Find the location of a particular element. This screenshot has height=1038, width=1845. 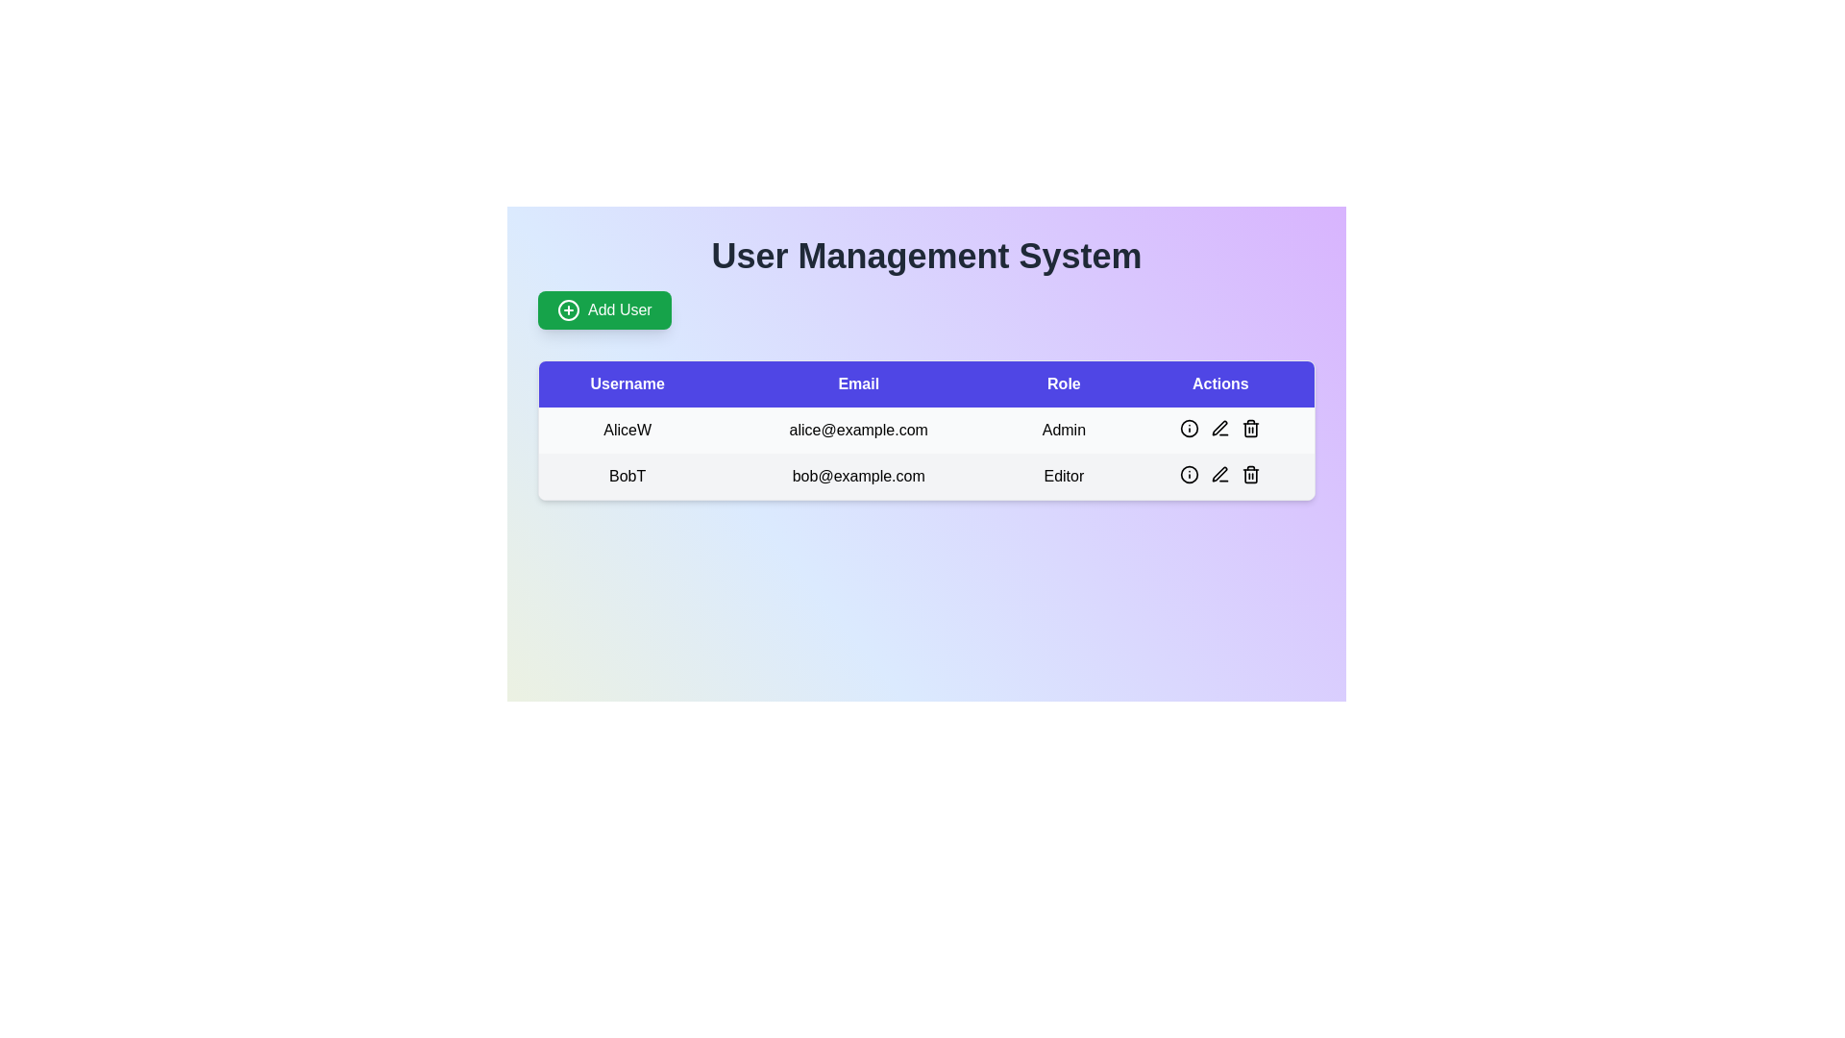

the text display field showing the email address 'alice@example.com', which is located in the 'Email' column under the 'Username' row labeled 'AliceW' is located at coordinates (857, 429).